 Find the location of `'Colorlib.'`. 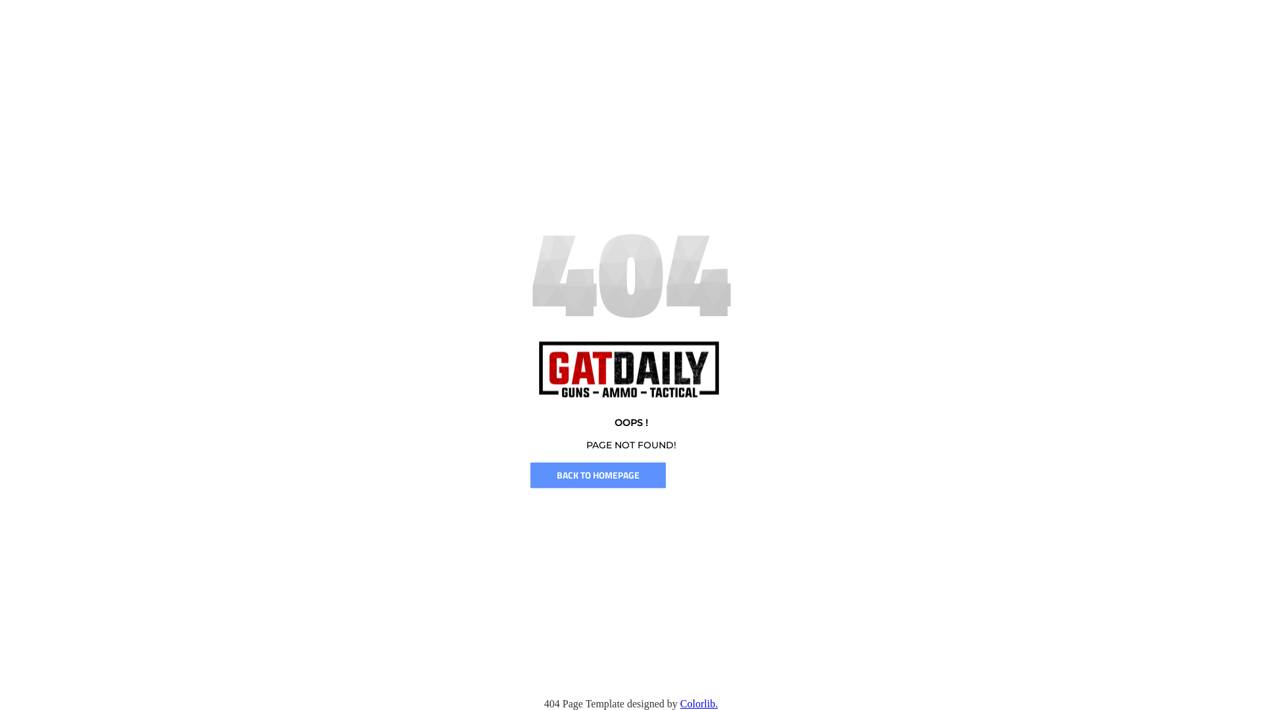

'Colorlib.' is located at coordinates (680, 703).